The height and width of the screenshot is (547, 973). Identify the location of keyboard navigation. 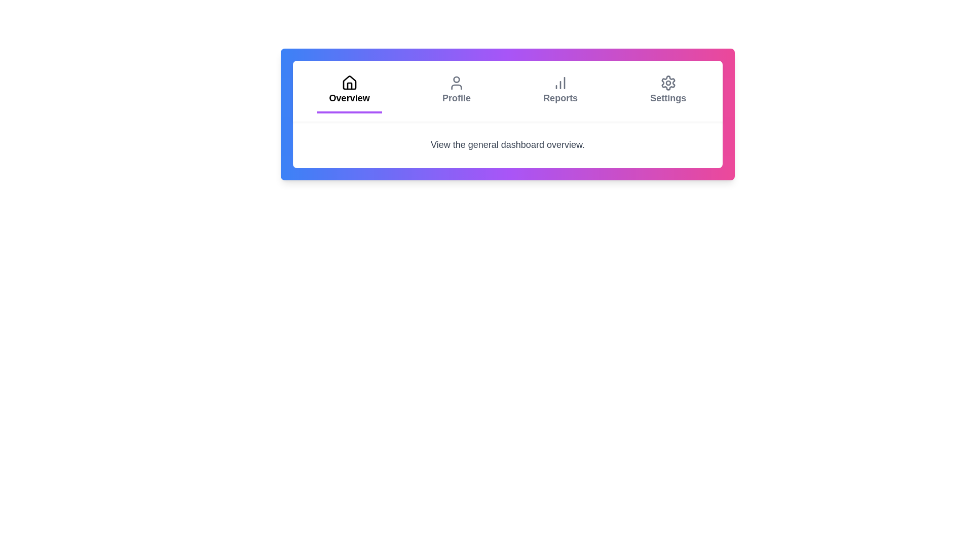
(349, 83).